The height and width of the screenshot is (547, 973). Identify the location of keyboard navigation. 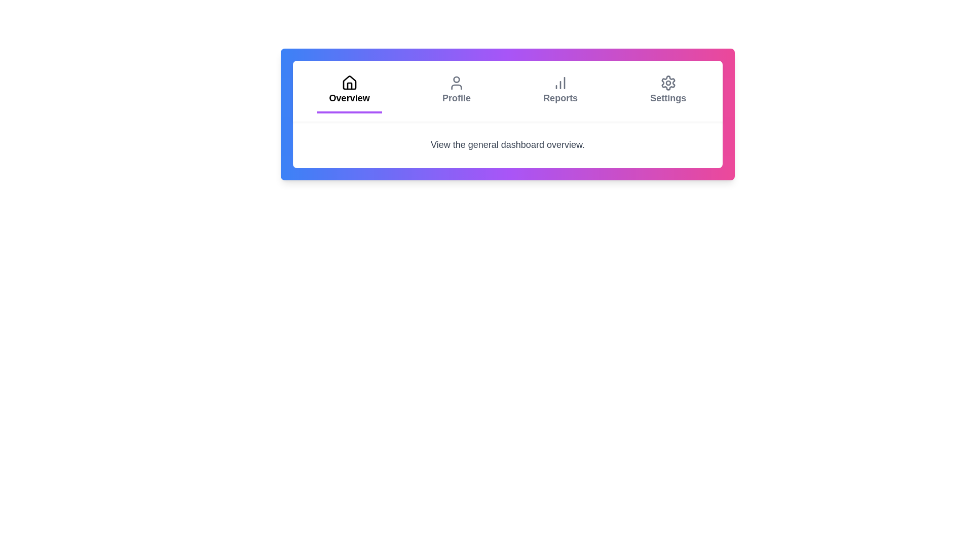
(349, 83).